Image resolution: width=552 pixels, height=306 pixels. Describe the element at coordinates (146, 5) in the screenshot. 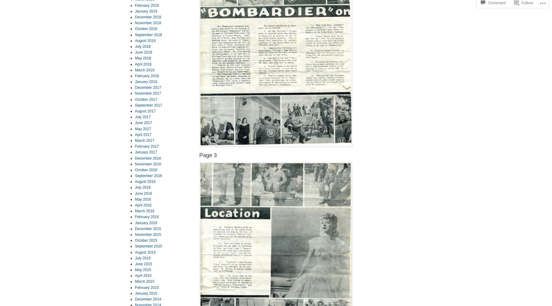

I see `'February 2019'` at that location.